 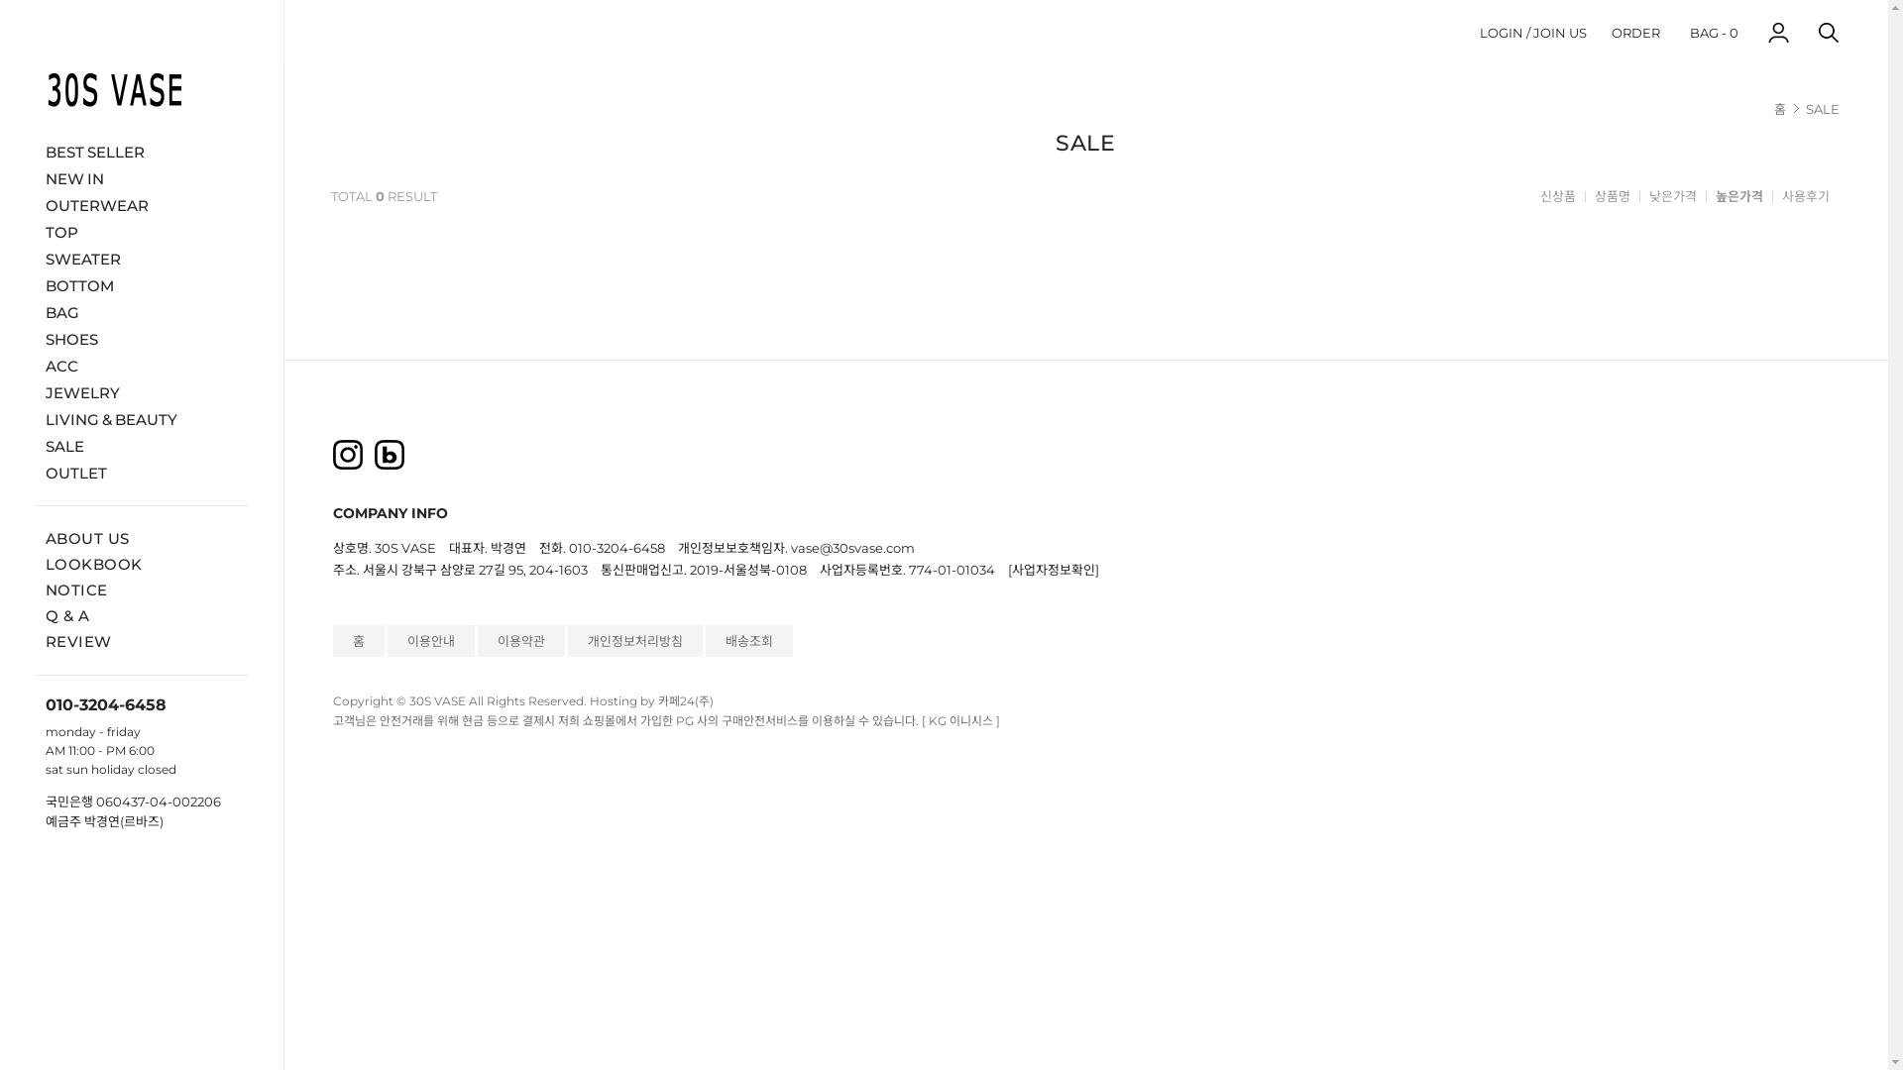 I want to click on 'SHOES', so click(x=141, y=337).